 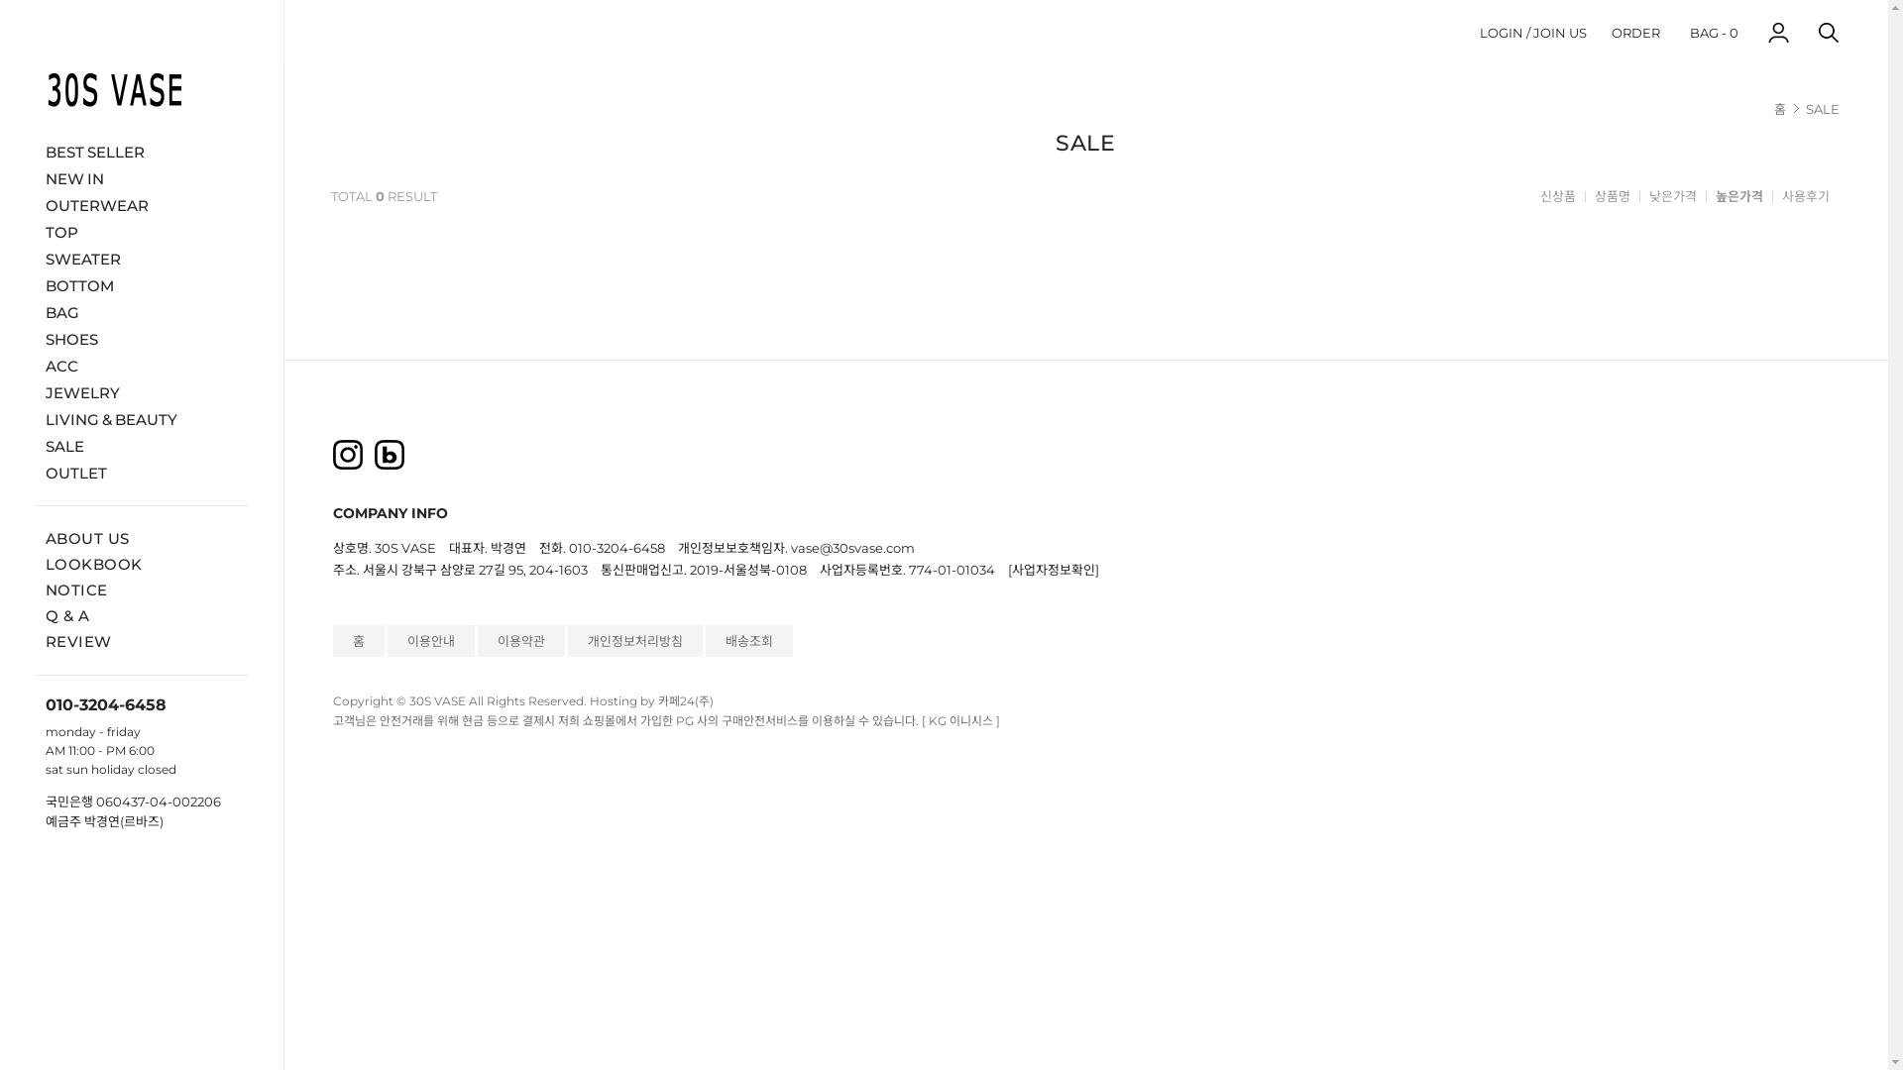 I want to click on 'SHOES', so click(x=141, y=337).